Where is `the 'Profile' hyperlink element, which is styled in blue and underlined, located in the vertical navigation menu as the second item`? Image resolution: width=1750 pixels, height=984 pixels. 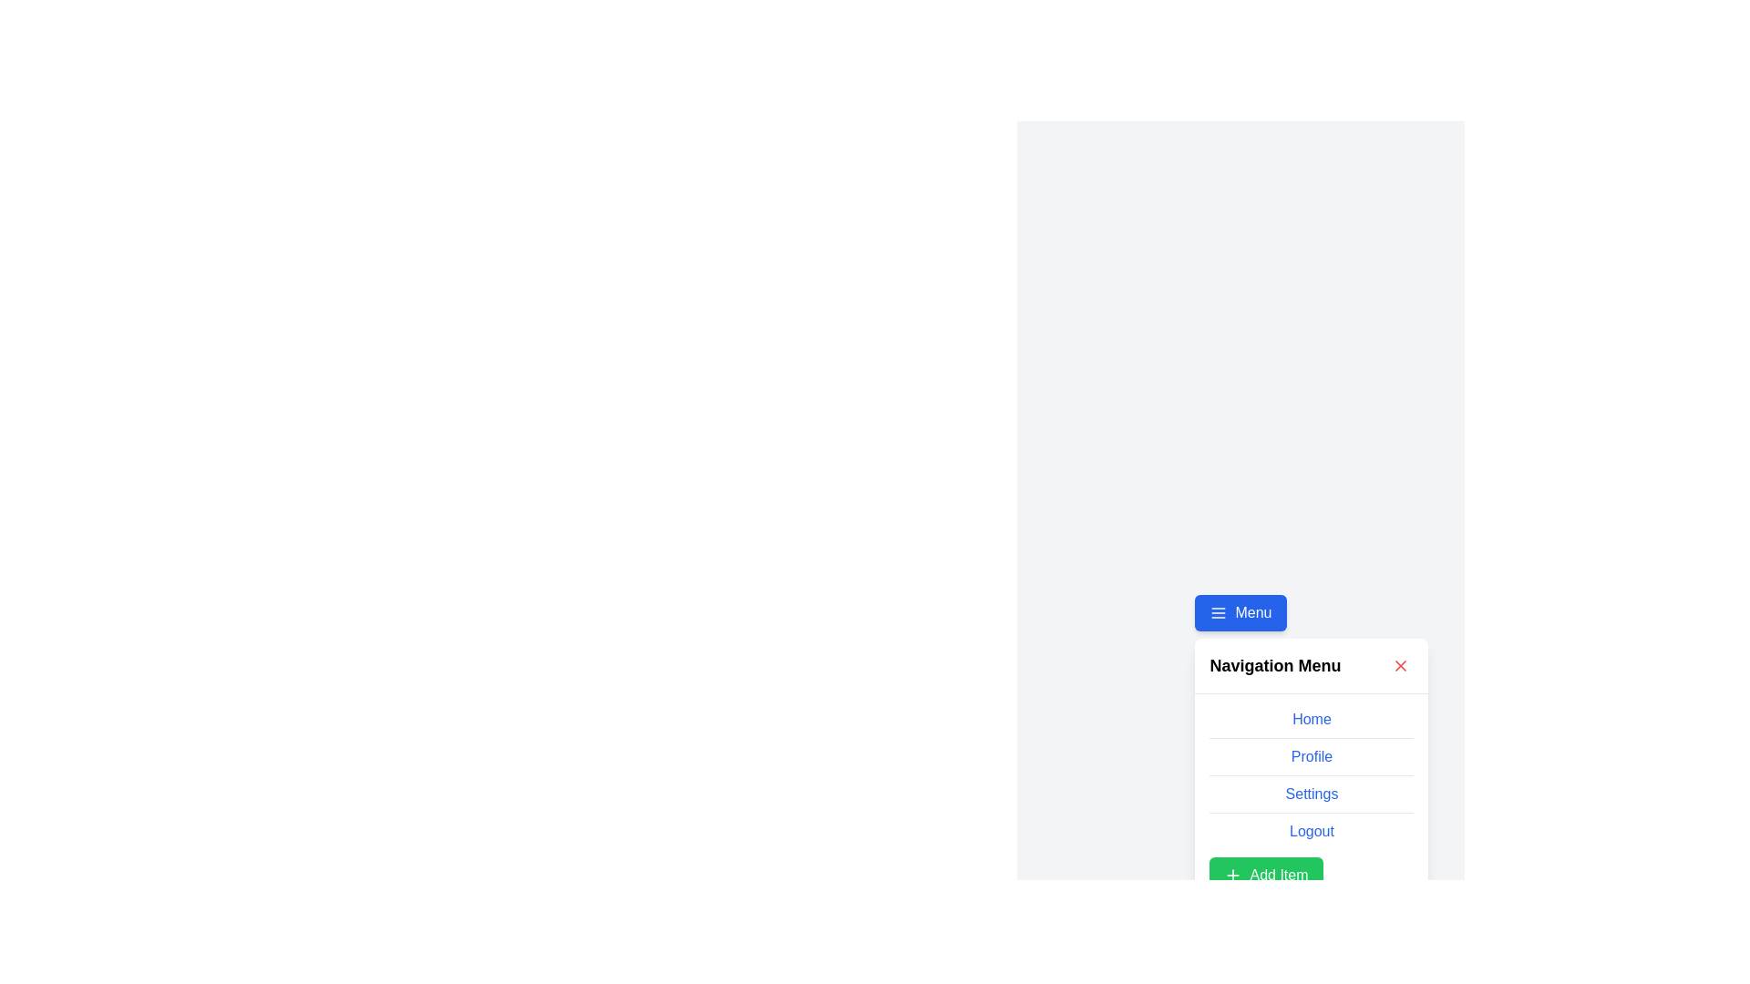 the 'Profile' hyperlink element, which is styled in blue and underlined, located in the vertical navigation menu as the second item is located at coordinates (1311, 761).